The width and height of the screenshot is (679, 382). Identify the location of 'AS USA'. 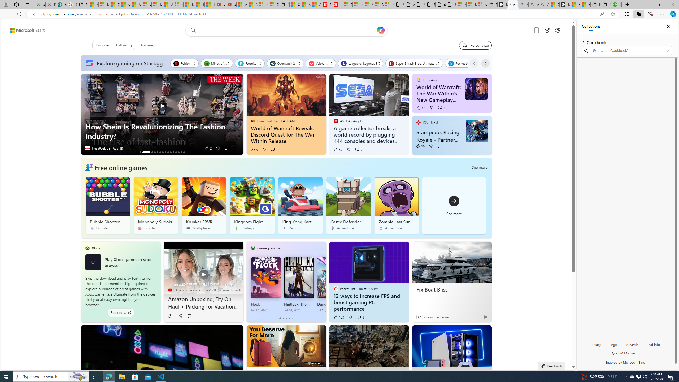
(335, 121).